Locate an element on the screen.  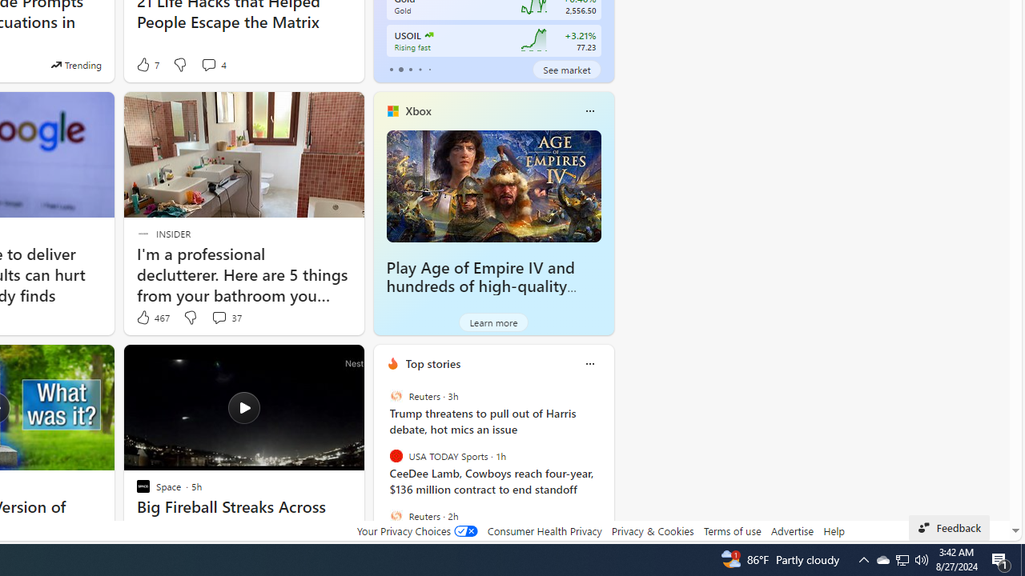
'Your Privacy Choices' is located at coordinates (416, 530).